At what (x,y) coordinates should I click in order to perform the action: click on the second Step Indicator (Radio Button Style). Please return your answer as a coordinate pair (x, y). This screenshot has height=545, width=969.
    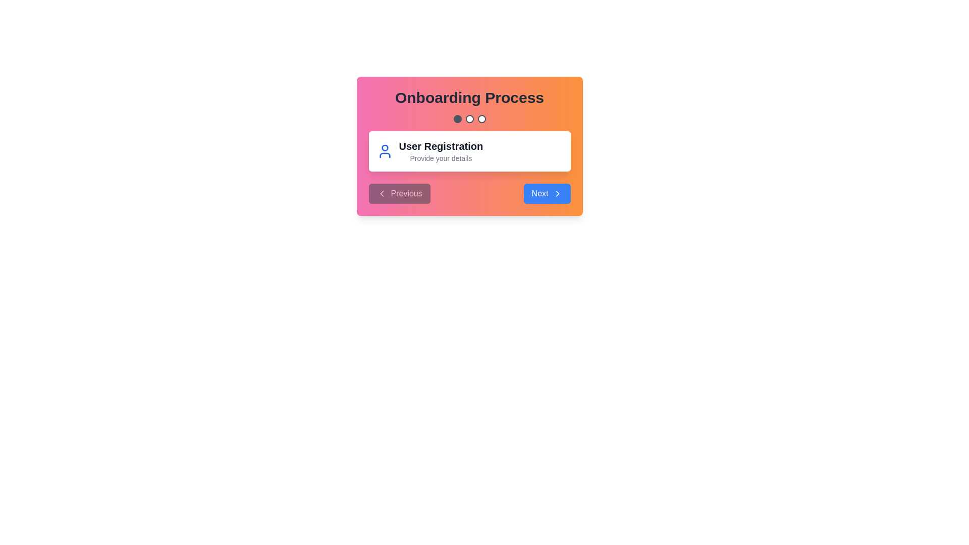
    Looking at the image, I should click on (469, 118).